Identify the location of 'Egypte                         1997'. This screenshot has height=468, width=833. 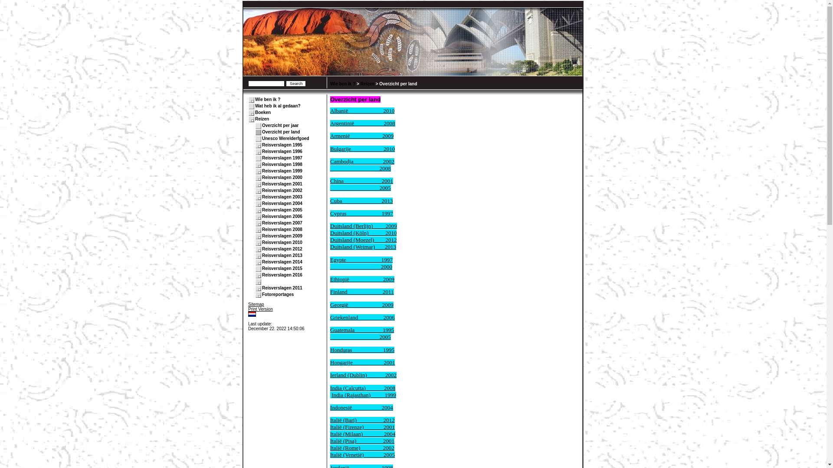
(361, 259).